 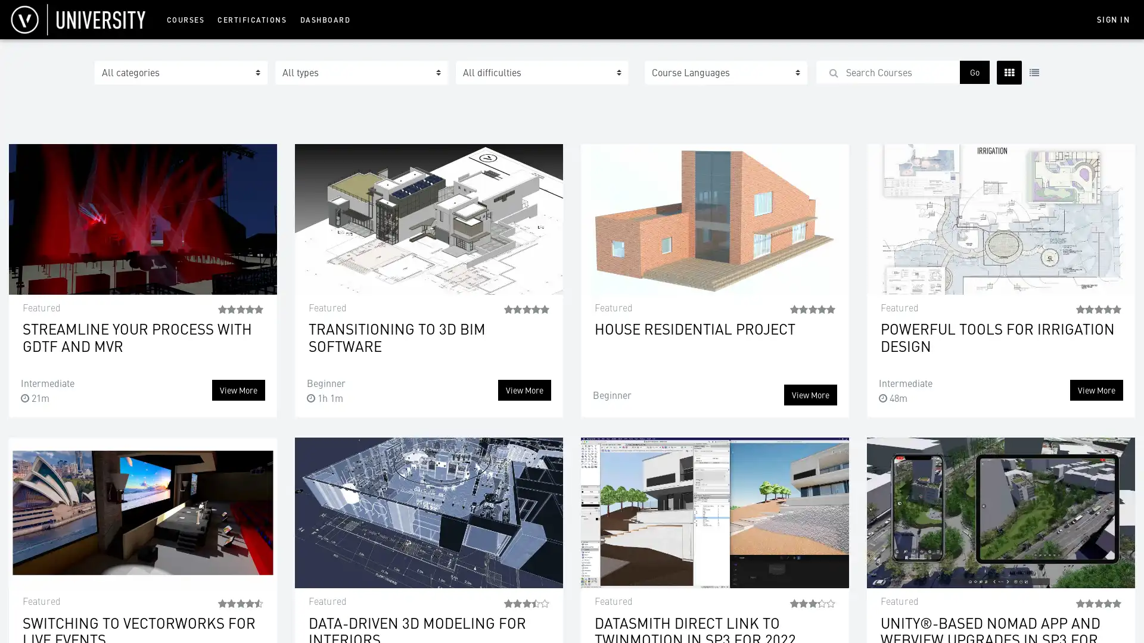 What do you see at coordinates (524, 390) in the screenshot?
I see `View More` at bounding box center [524, 390].